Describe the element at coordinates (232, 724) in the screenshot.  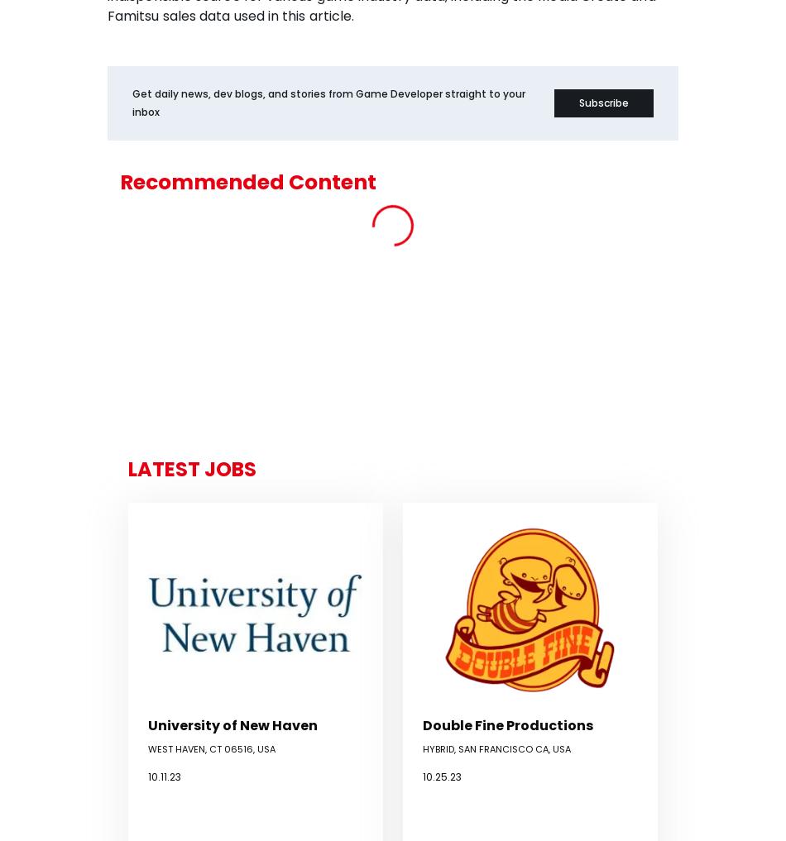
I see `'University of New Haven'` at that location.